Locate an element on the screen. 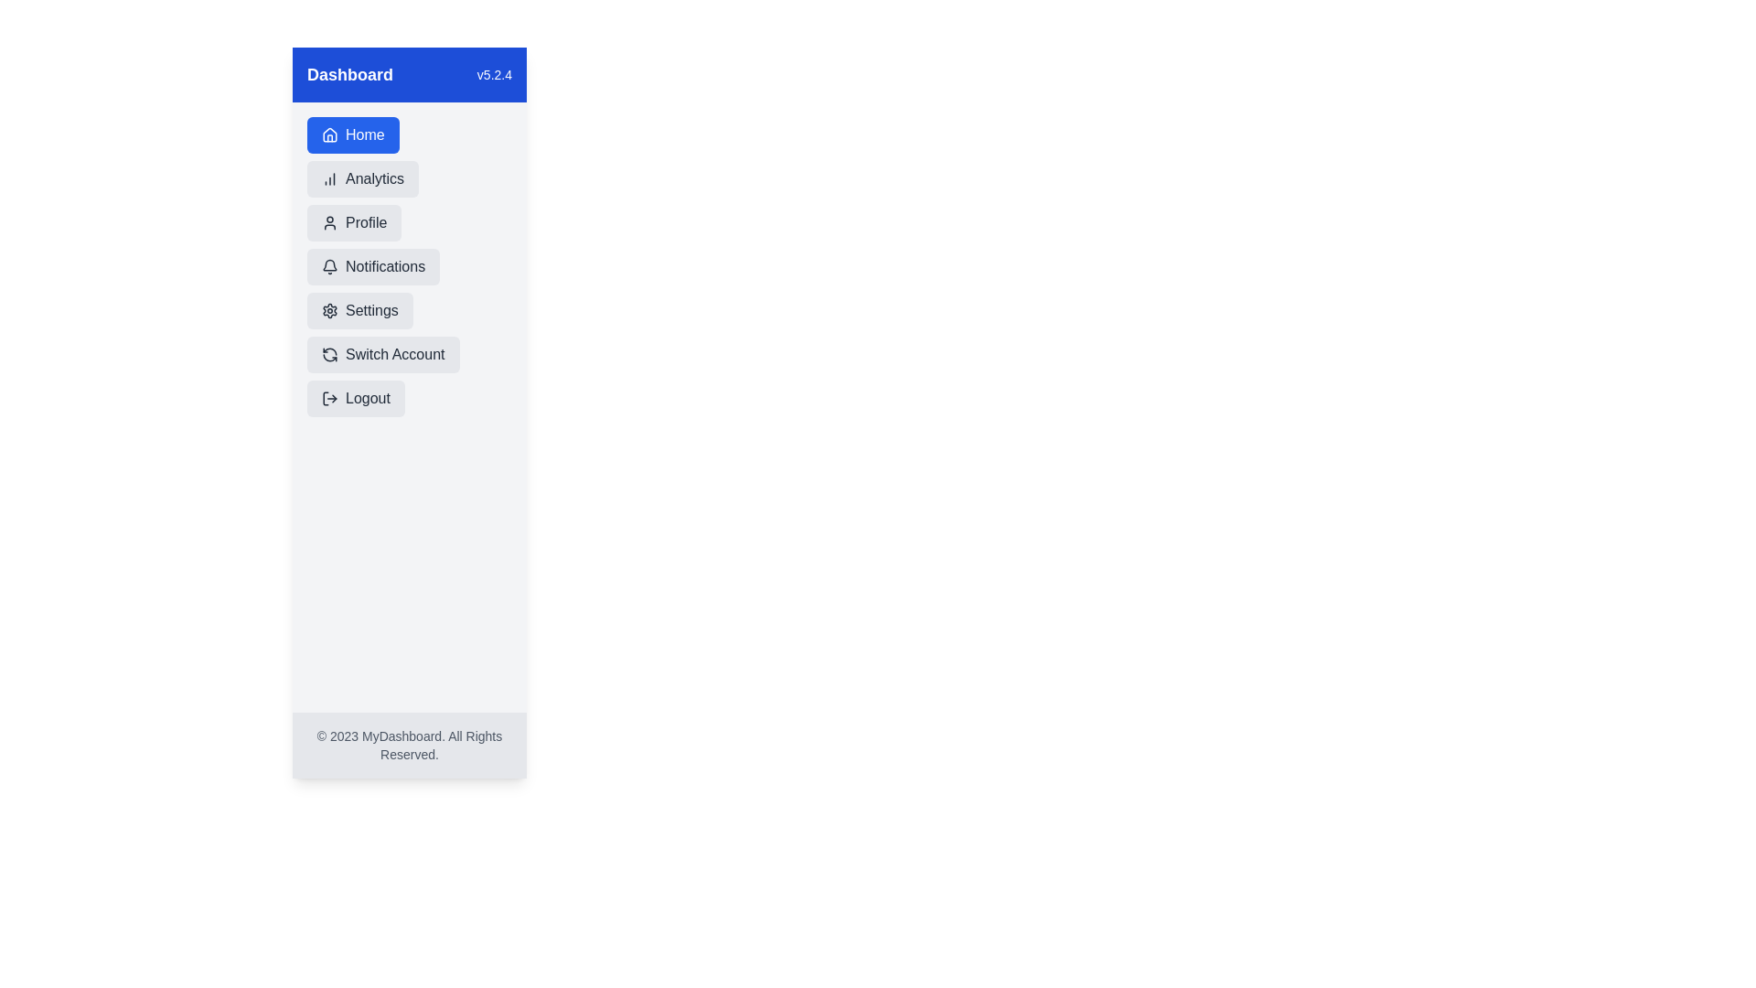 This screenshot has height=988, width=1756. the refresh icon located to the left of the 'Switch Account' text in the vertical menu on the left side of the interface is located at coordinates (329, 355).